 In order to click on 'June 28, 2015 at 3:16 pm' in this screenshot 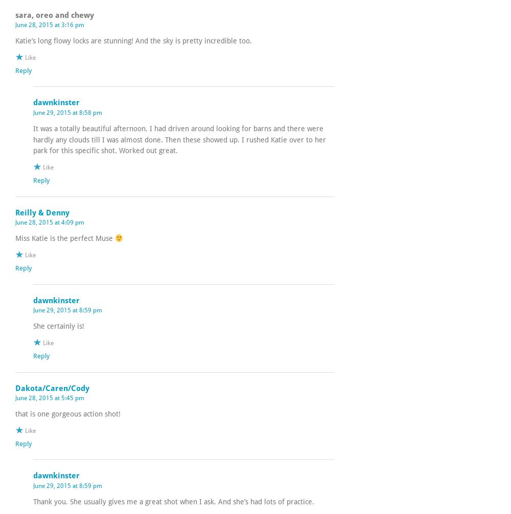, I will do `click(49, 25)`.